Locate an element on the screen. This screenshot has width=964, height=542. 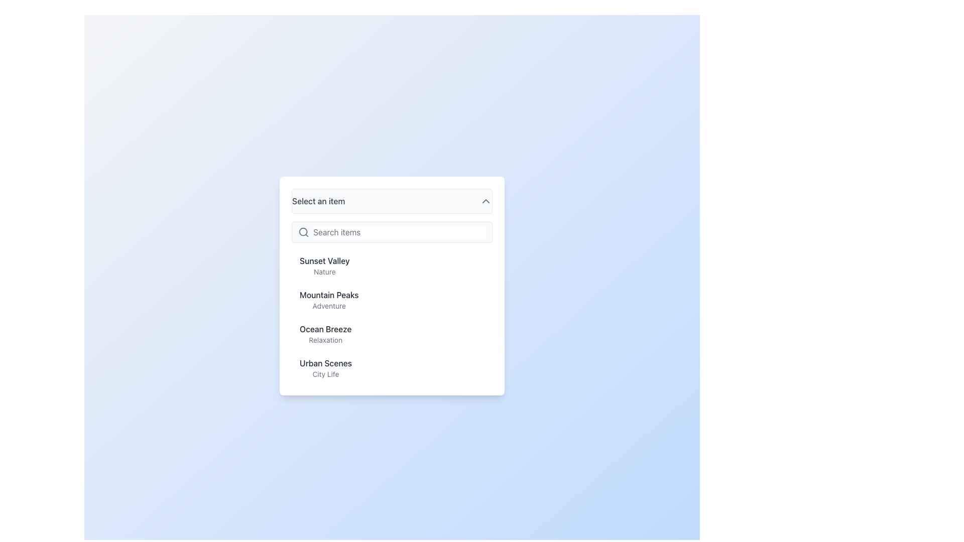
to select the list item displaying 'Ocean Breeze' and 'Relaxation' text in the dropdown panel is located at coordinates (325, 334).